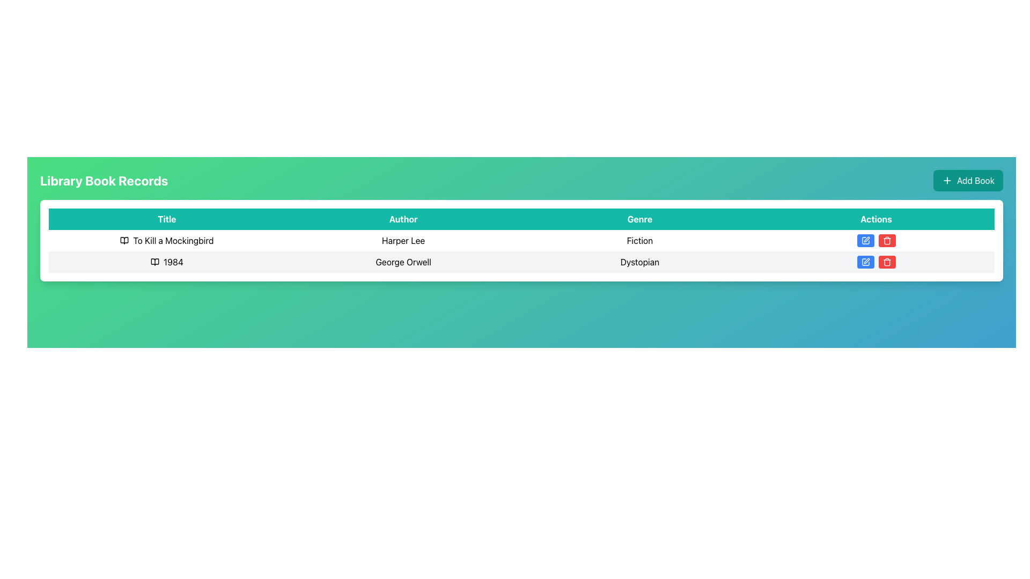 The image size is (1030, 579). I want to click on the book icon representing 'To Kill a Mockingbird' located in the first row of the table under the 'Title' column, so click(124, 240).